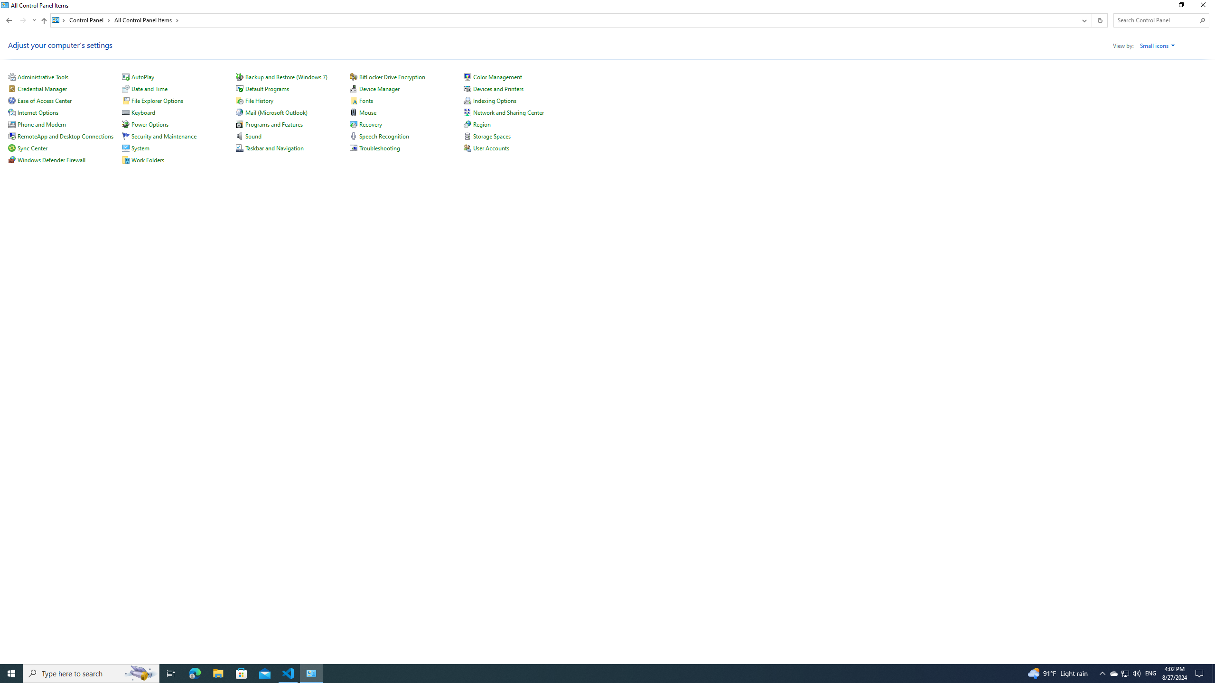  I want to click on 'Region', so click(482, 124).